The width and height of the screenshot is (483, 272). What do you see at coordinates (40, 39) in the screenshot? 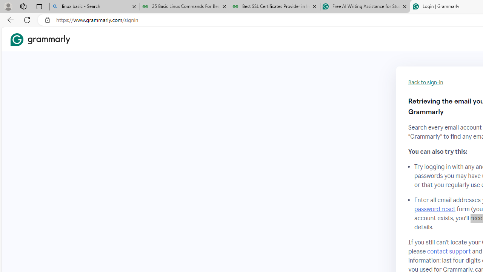
I see `'Grammarly Home'` at bounding box center [40, 39].